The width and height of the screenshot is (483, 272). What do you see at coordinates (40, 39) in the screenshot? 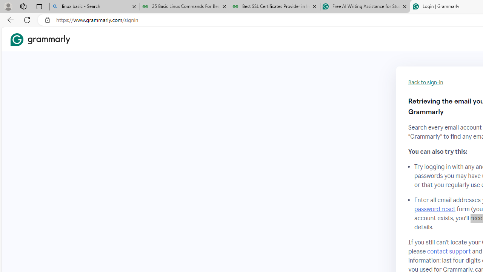
I see `'Grammarly Home'` at bounding box center [40, 39].